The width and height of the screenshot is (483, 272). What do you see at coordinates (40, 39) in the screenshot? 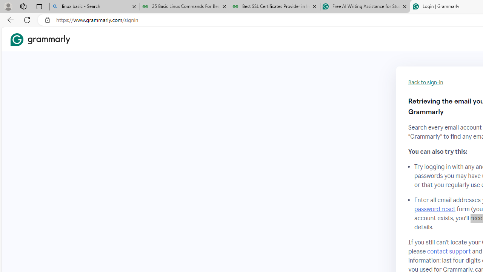
I see `'Grammarly Home'` at bounding box center [40, 39].